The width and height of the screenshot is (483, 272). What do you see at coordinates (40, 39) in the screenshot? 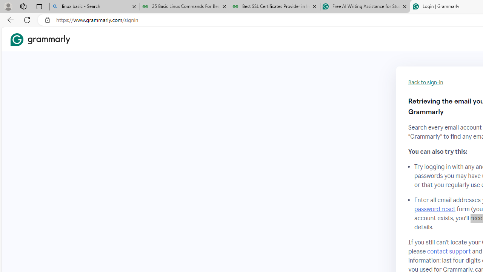
I see `'Grammarly Home'` at bounding box center [40, 39].